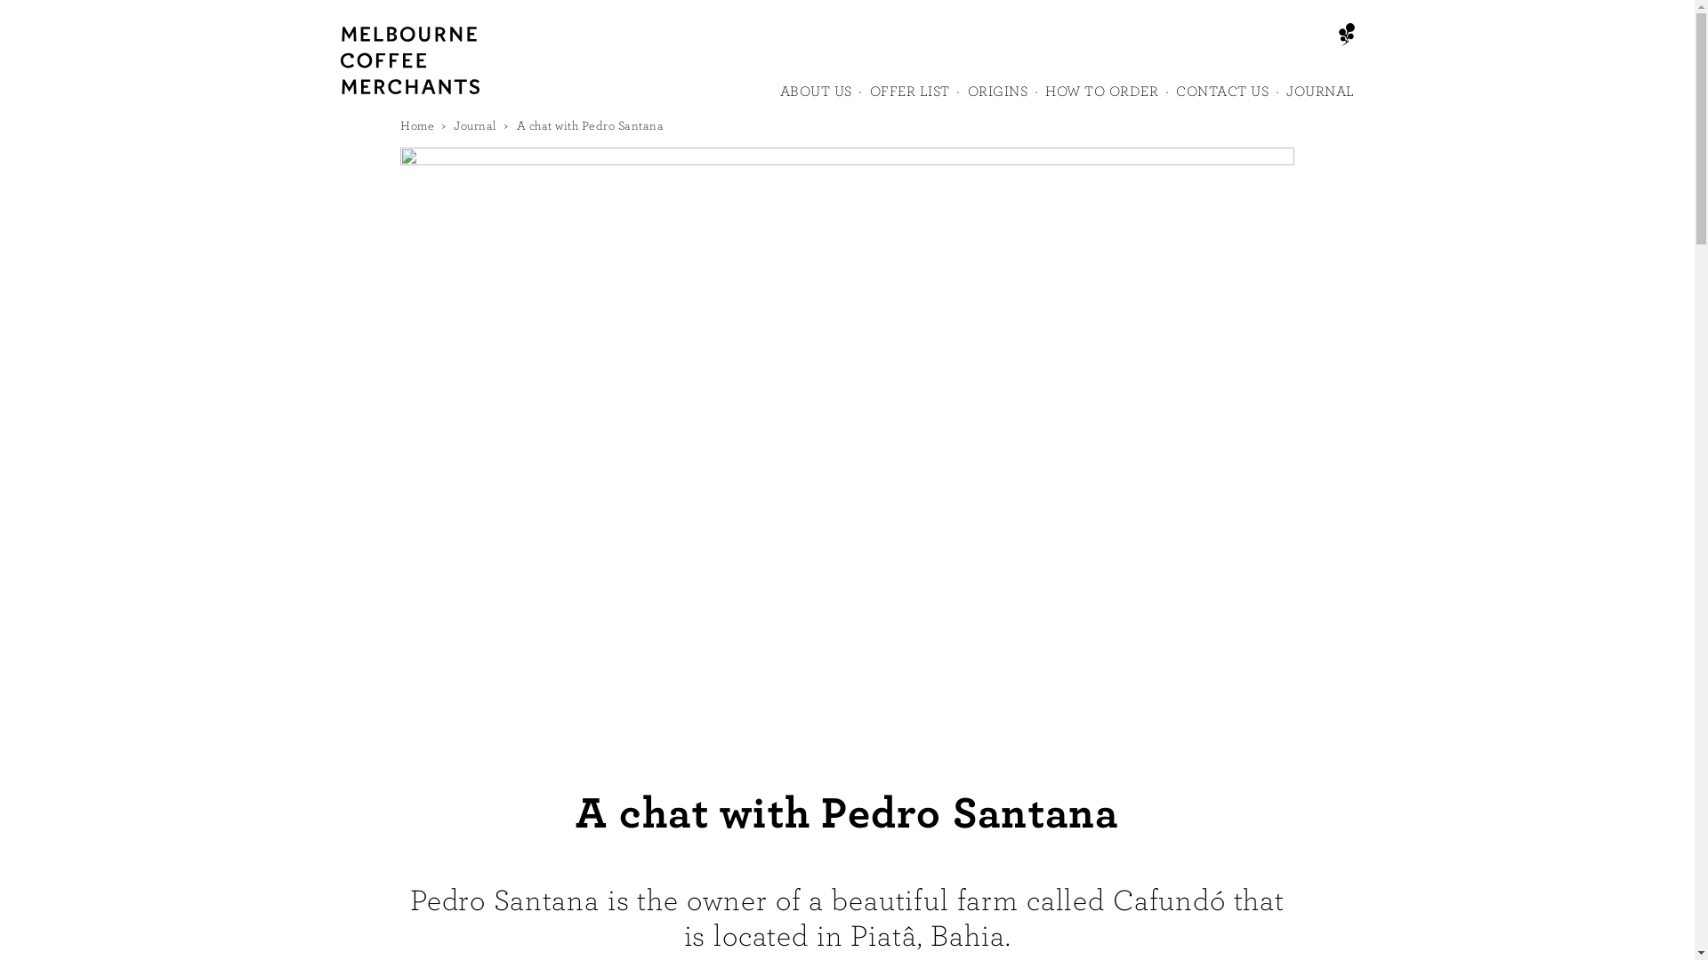  I want to click on 'OFFER LIST', so click(909, 99).